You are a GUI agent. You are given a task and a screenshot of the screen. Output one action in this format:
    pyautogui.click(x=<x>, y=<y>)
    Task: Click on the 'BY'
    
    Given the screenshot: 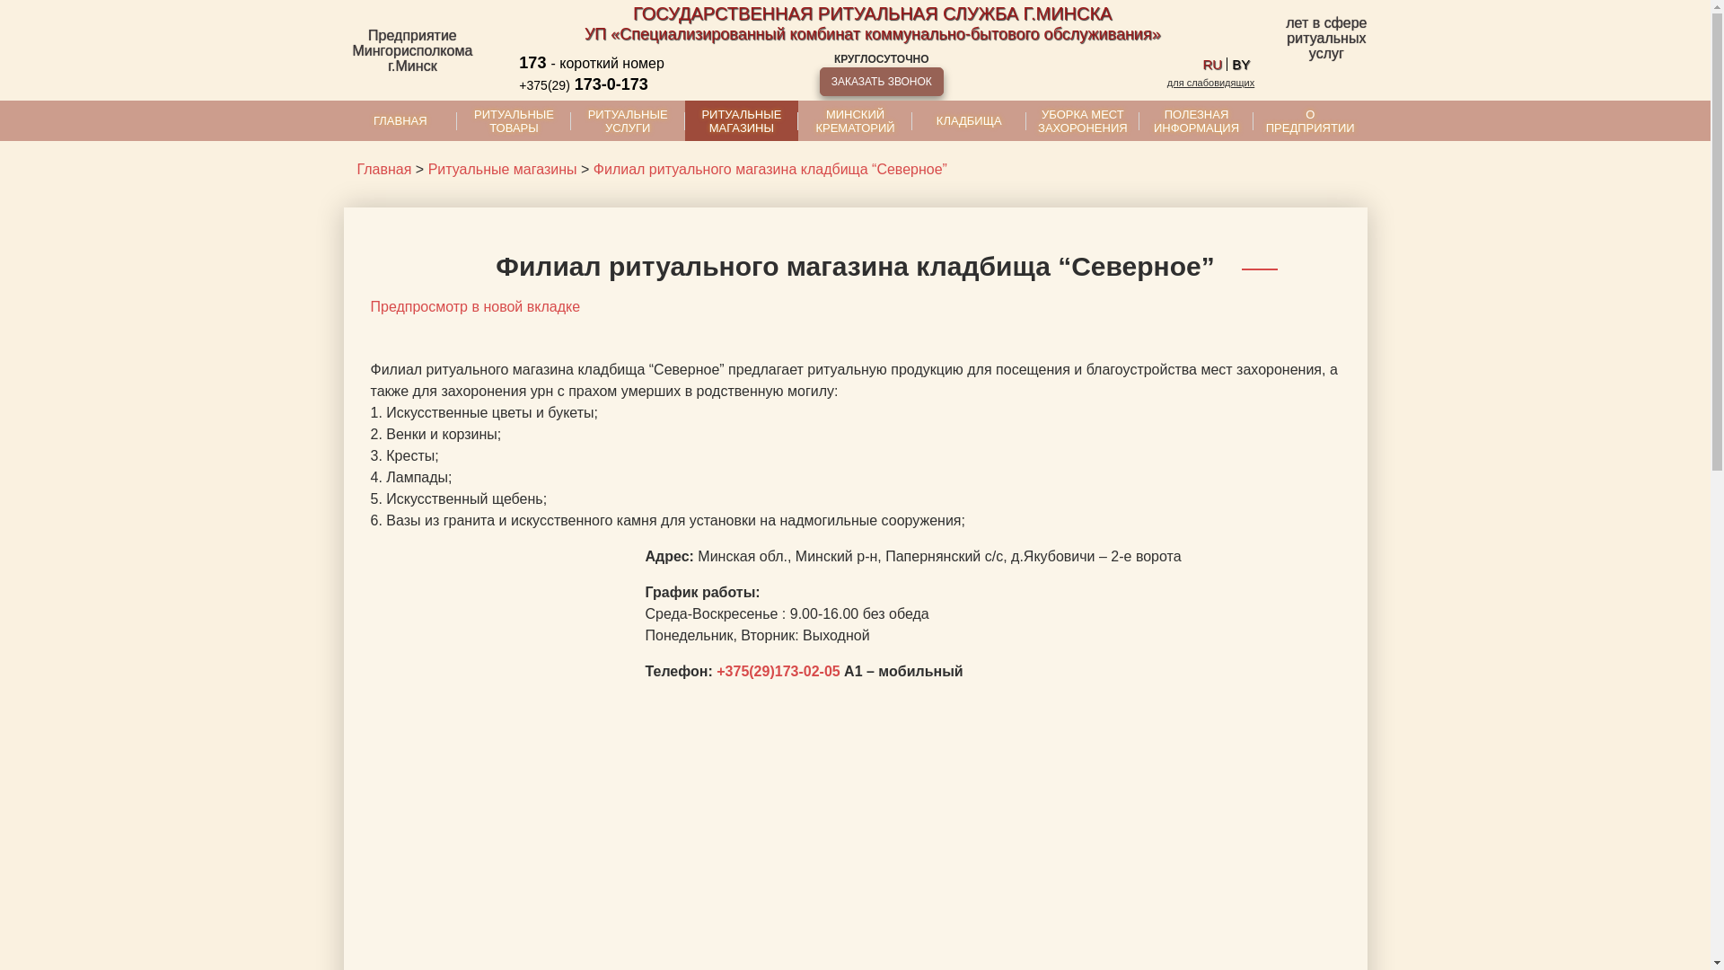 What is the action you would take?
    pyautogui.click(x=1240, y=63)
    